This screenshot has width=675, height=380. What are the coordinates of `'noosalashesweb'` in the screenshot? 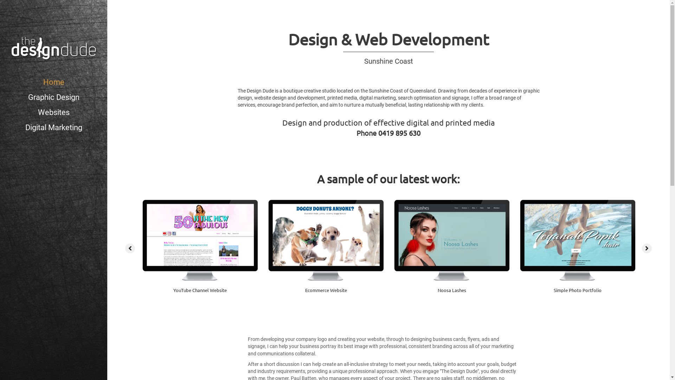 It's located at (452, 239).